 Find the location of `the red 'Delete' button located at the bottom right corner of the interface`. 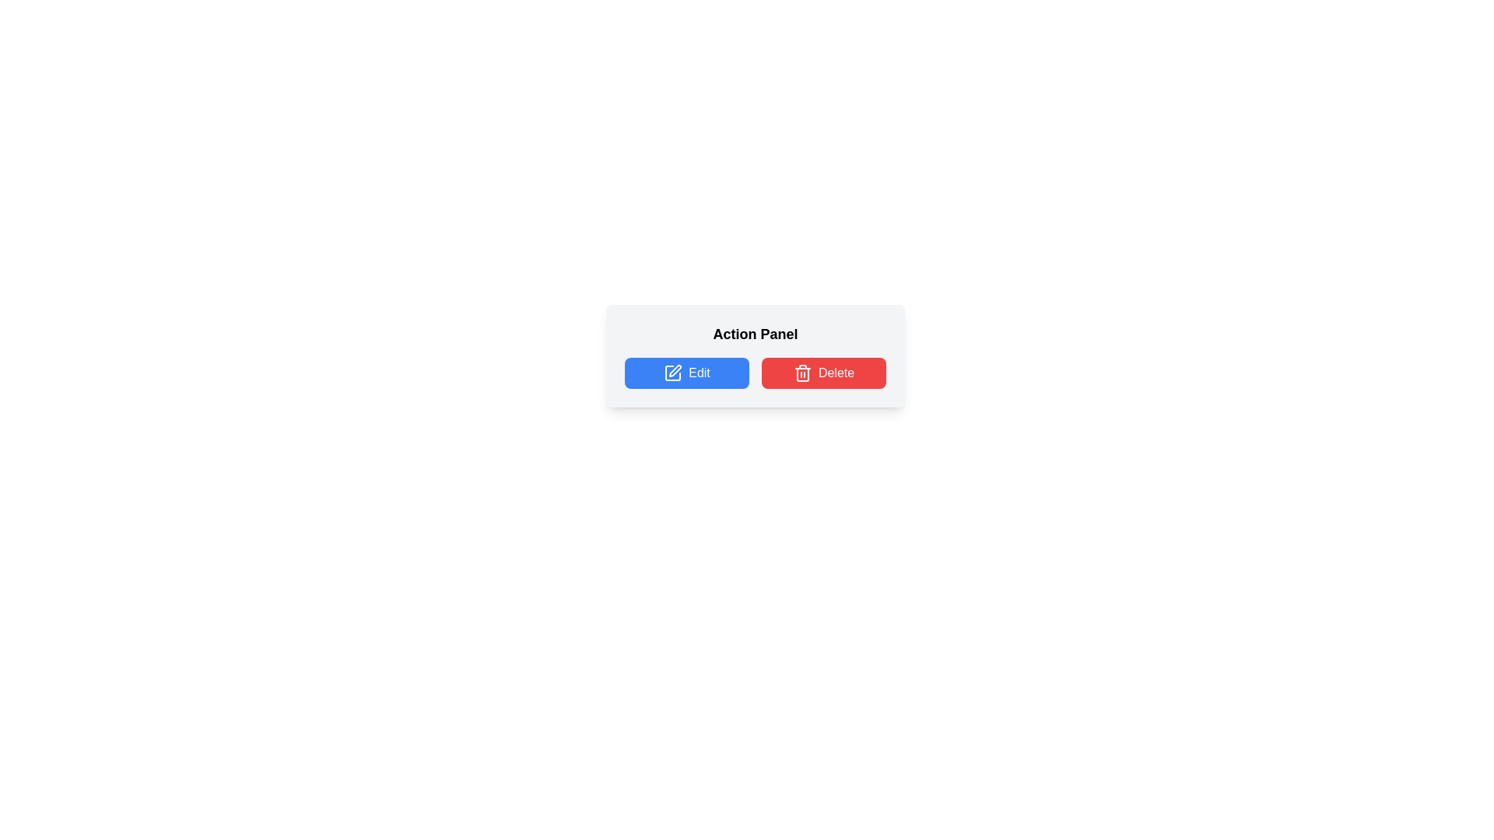

the red 'Delete' button located at the bottom right corner of the interface is located at coordinates (823, 373).